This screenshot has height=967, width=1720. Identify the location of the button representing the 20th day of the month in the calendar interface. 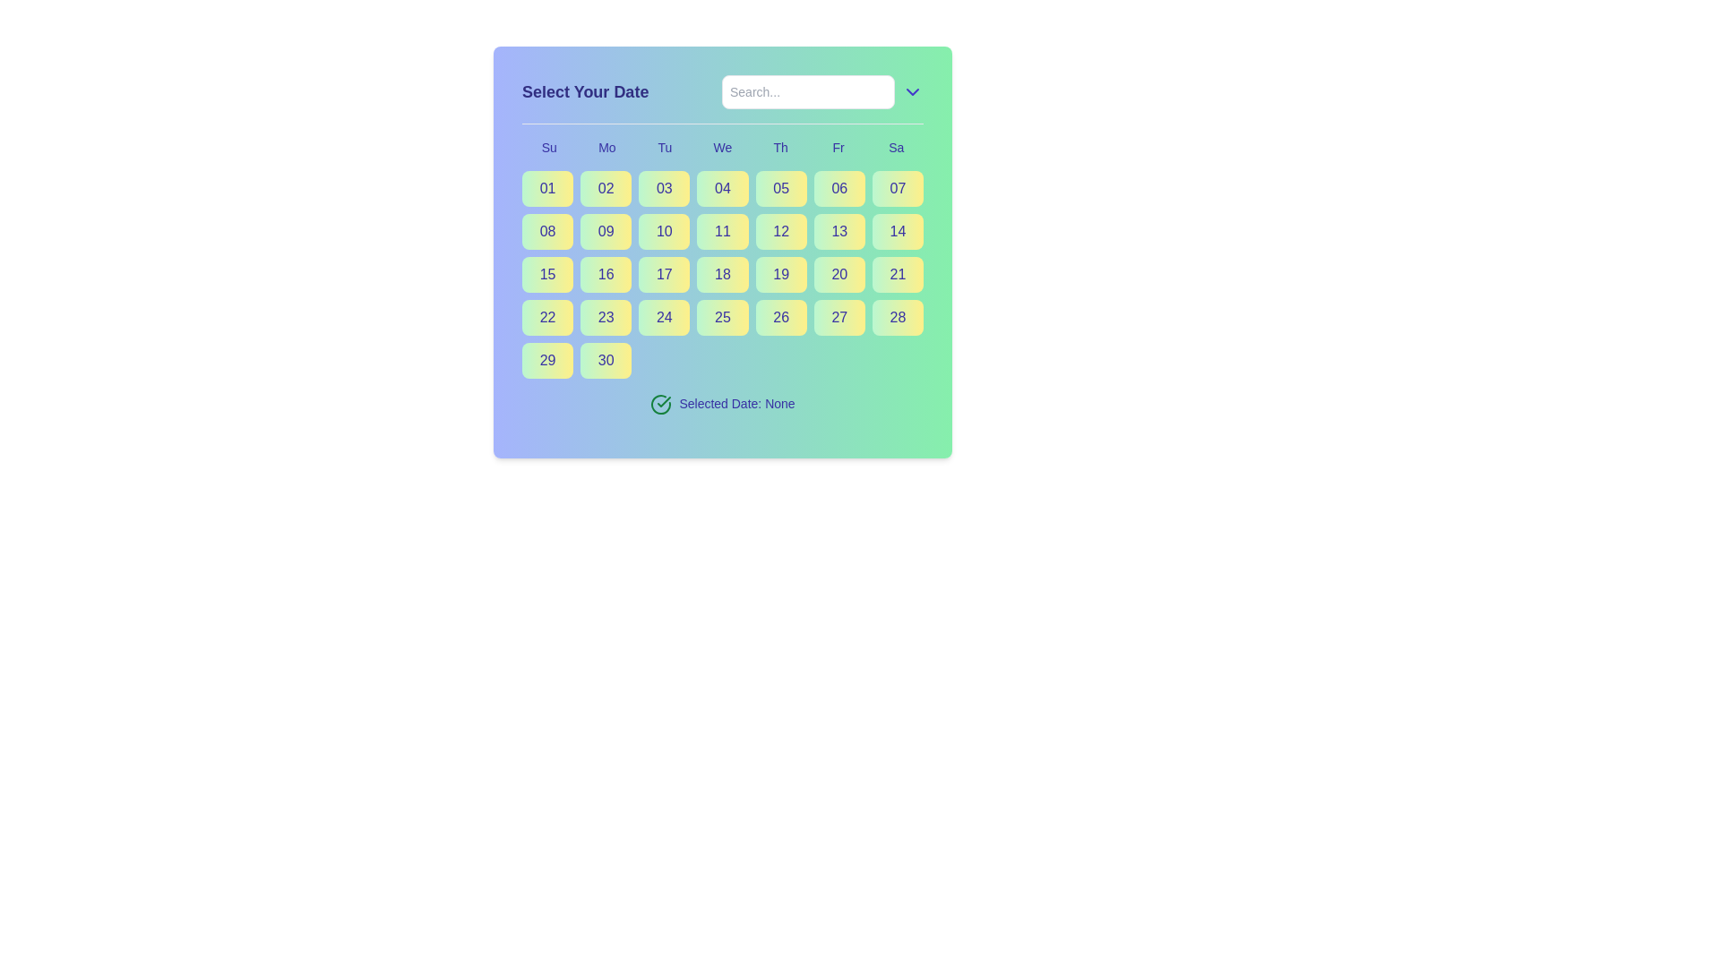
(838, 275).